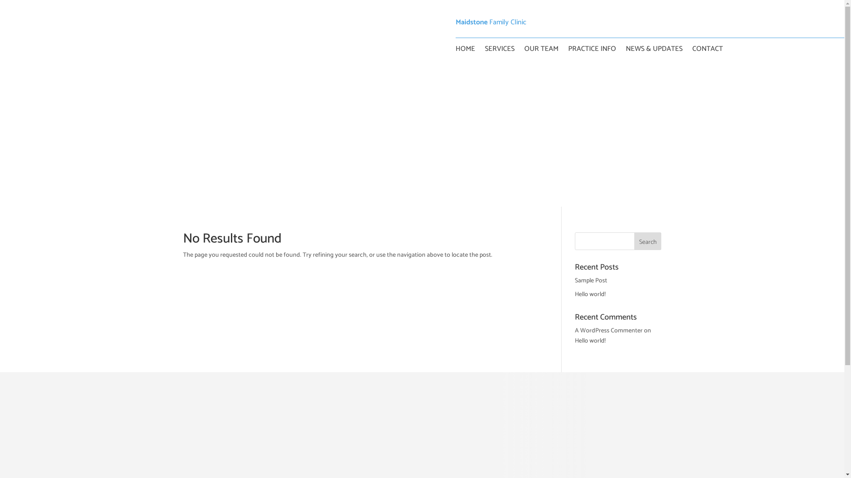  I want to click on 'Search', so click(648, 241).